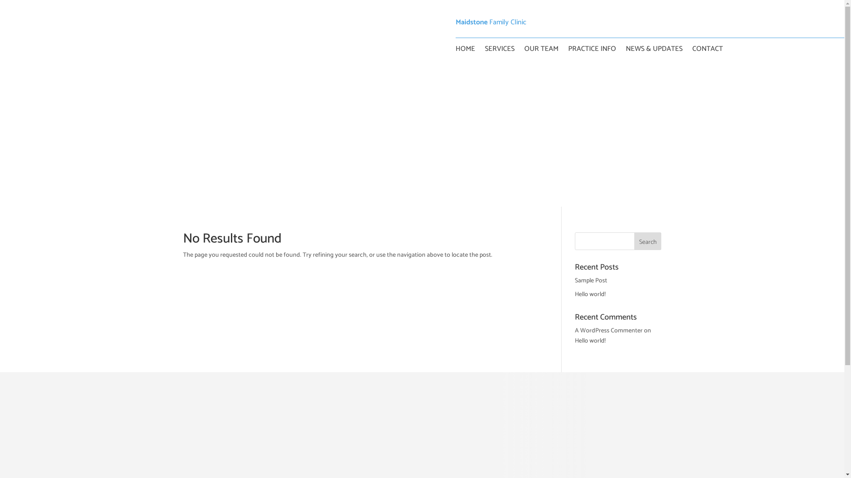  I want to click on 'Search', so click(648, 241).